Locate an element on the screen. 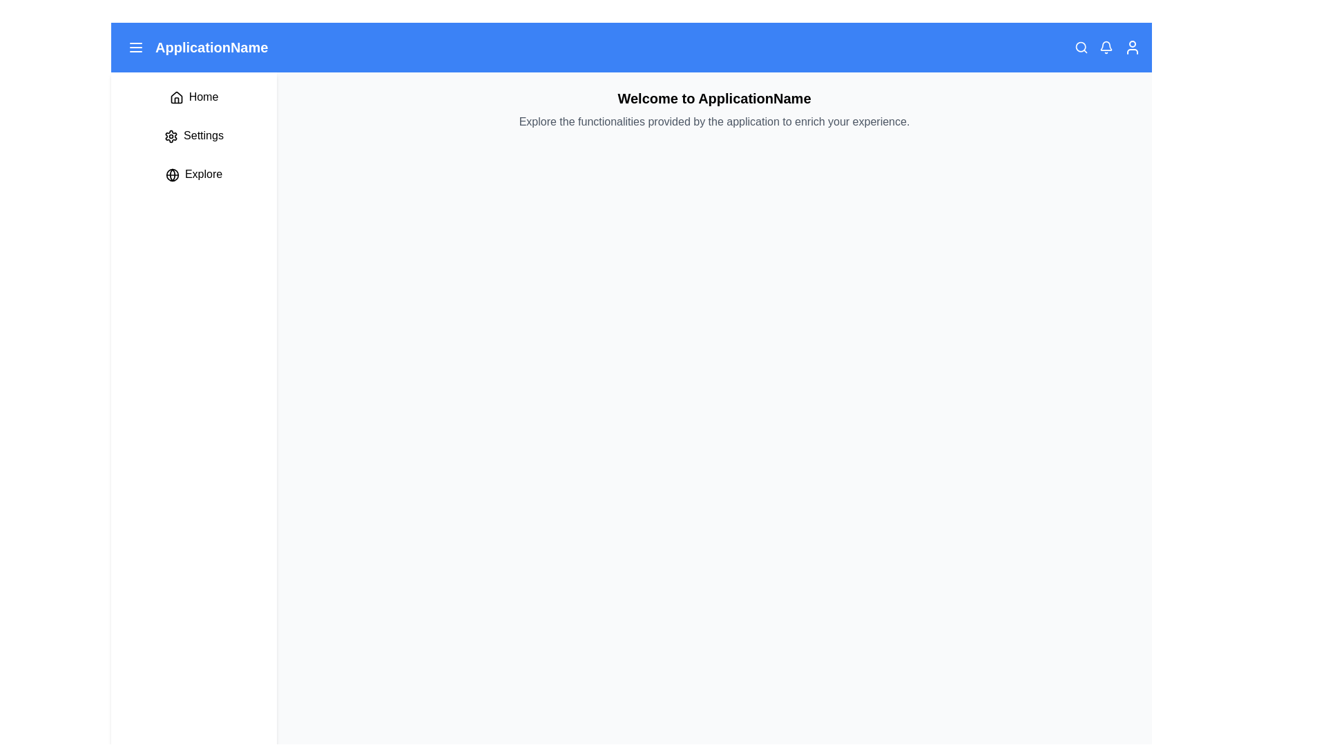 The height and width of the screenshot is (745, 1326). the bell-shaped icon located in the top-right corner of the interface, which is the second icon in a group of three, styled with a white color on a blue background is located at coordinates (1107, 47).